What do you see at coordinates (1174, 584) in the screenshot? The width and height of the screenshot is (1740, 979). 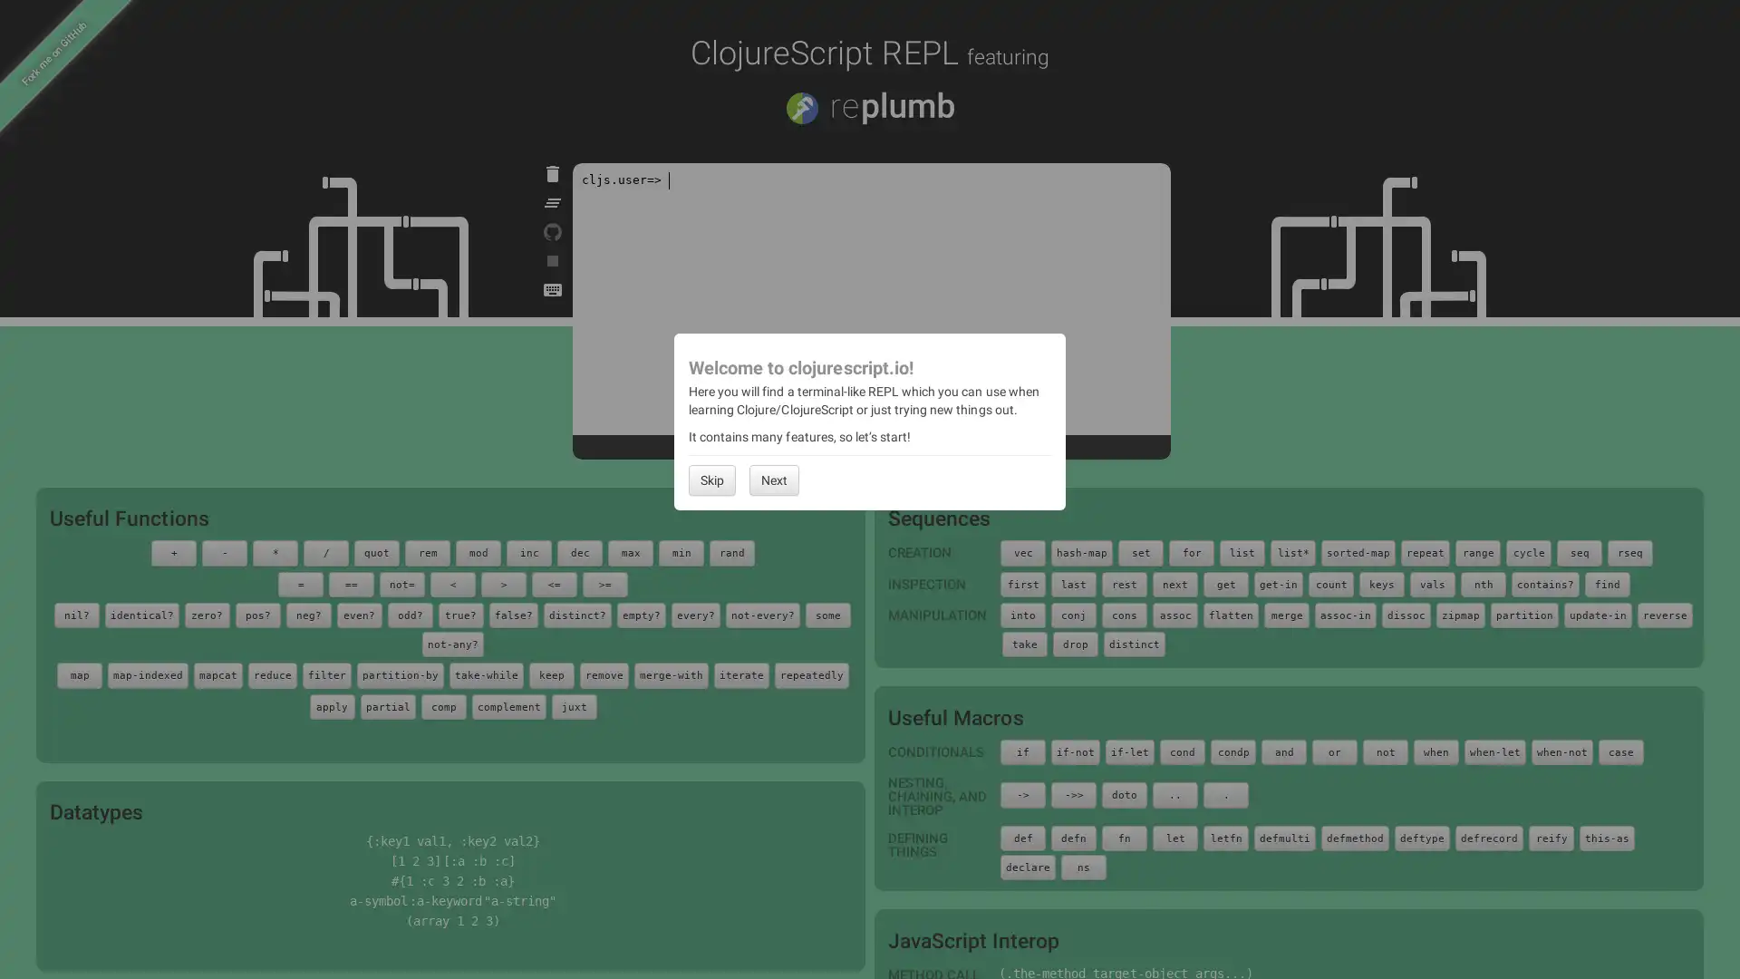 I see `next` at bounding box center [1174, 584].